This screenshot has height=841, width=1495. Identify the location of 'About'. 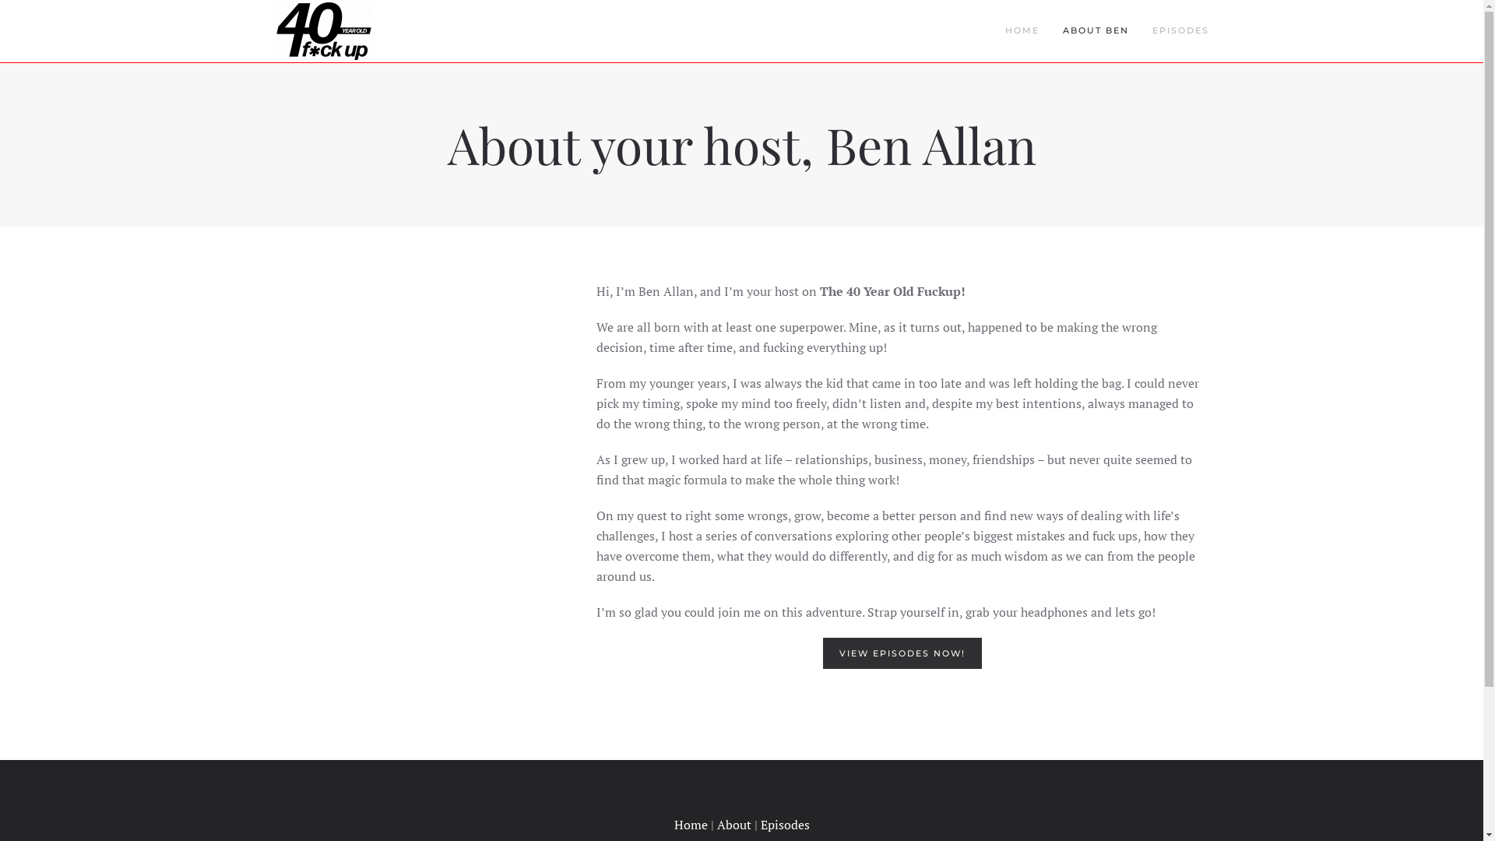
(732, 824).